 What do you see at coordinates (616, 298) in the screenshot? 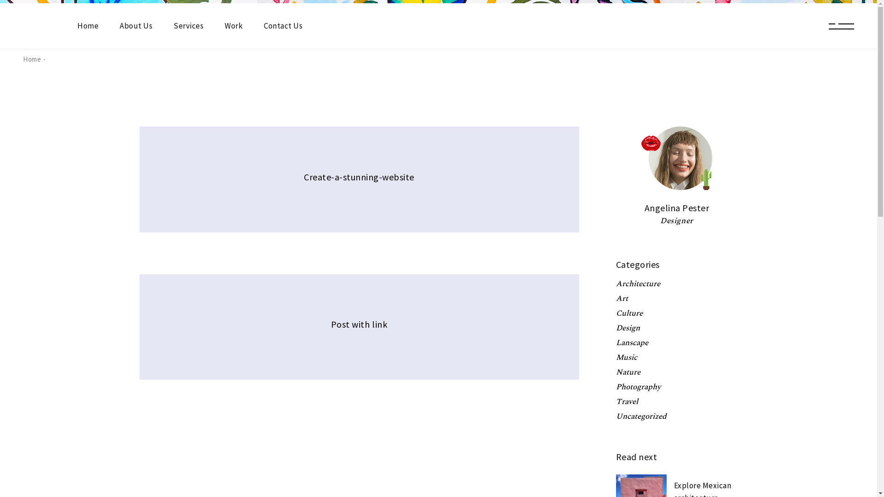
I see `'Art'` at bounding box center [616, 298].